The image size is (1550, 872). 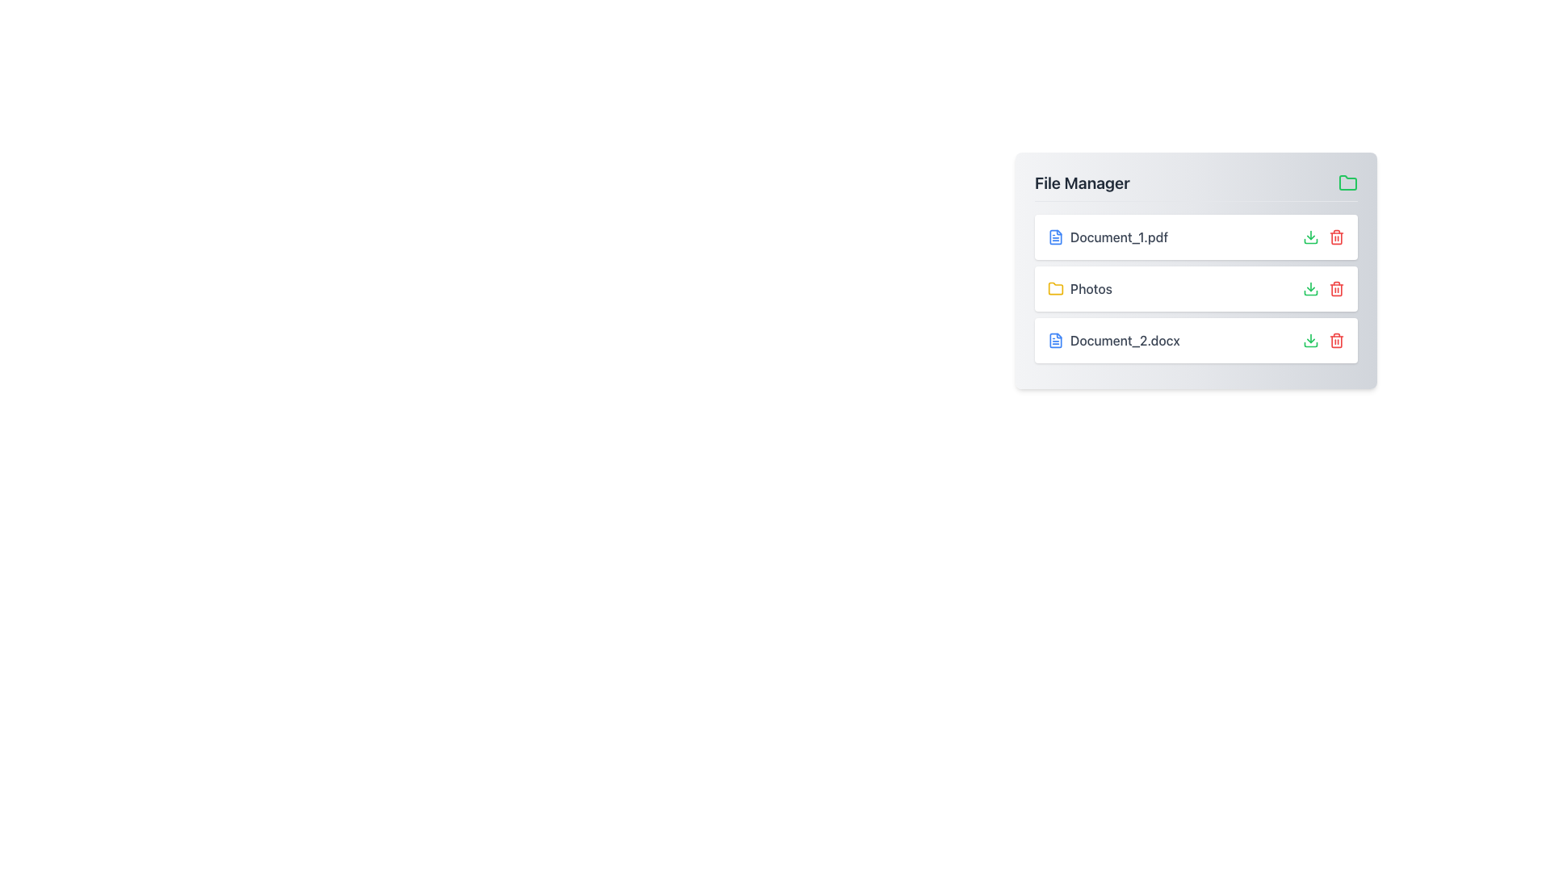 What do you see at coordinates (1080, 288) in the screenshot?
I see `the 'Photos' folder label with the yellow folder icon in the File Manager` at bounding box center [1080, 288].